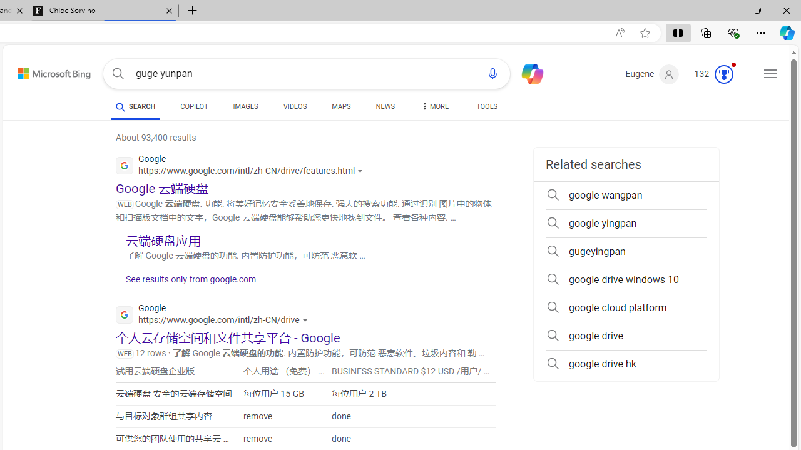 Image resolution: width=801 pixels, height=450 pixels. What do you see at coordinates (728, 10) in the screenshot?
I see `'Minimize'` at bounding box center [728, 10].